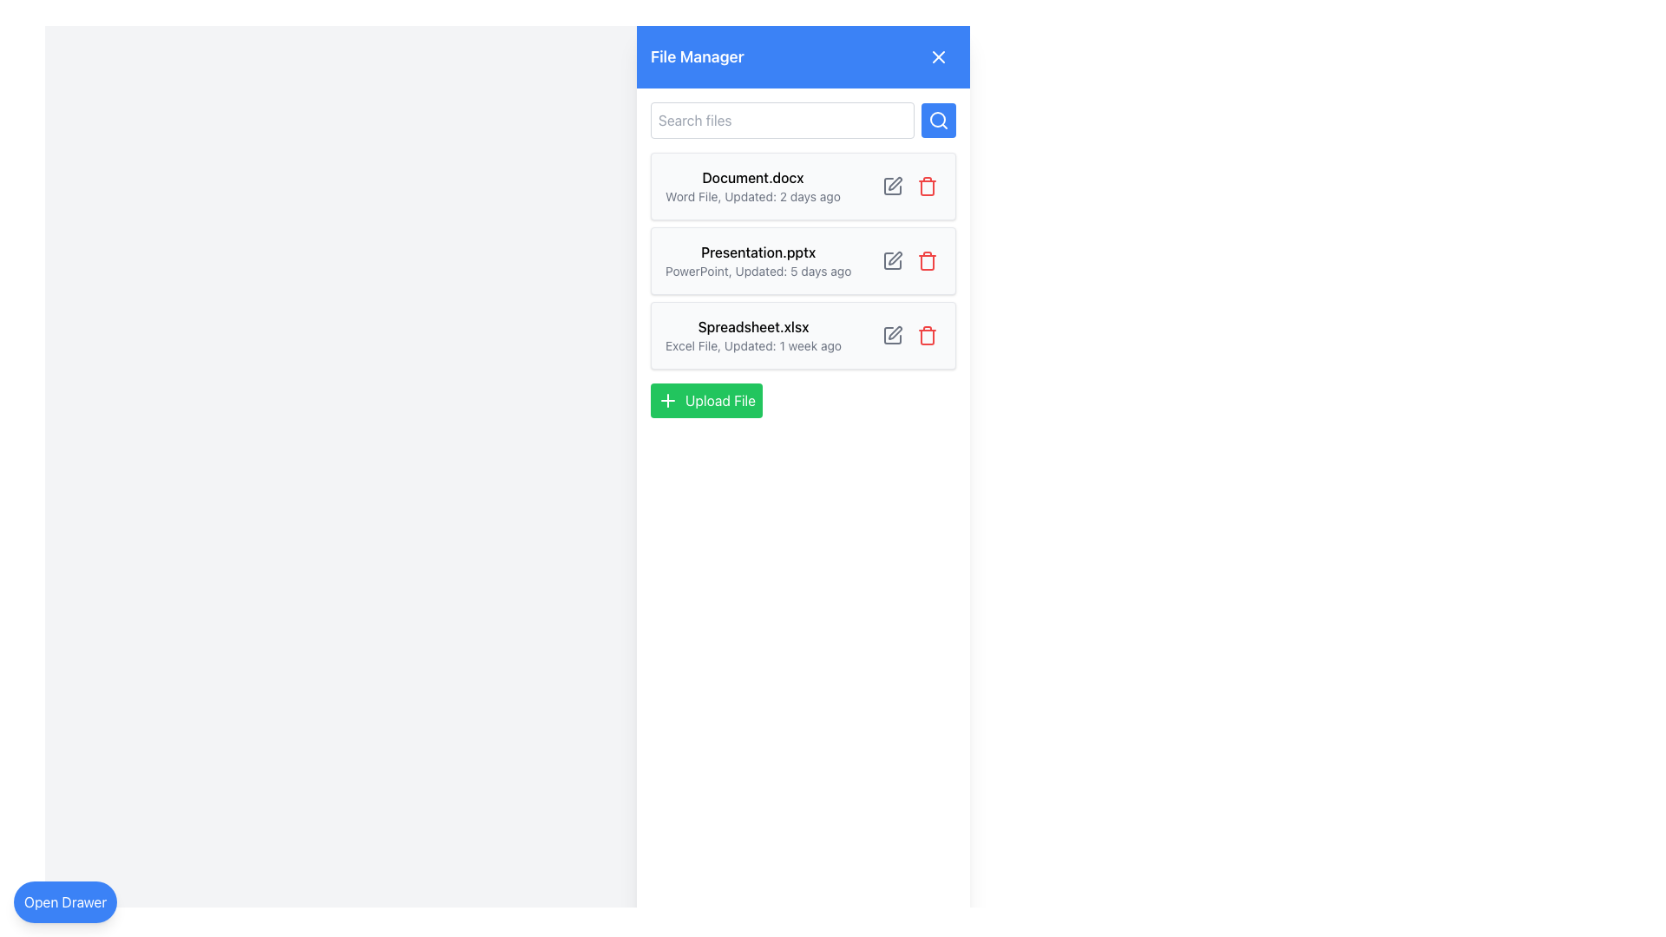 This screenshot has height=937, width=1666. I want to click on the pencil icon button in the interactive button group located in the third file entry of the file manager interface to initiate an edit action, so click(909, 335).